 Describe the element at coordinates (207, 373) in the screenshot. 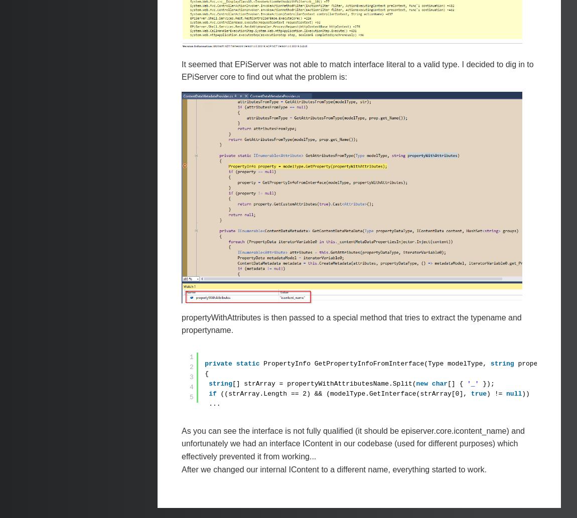

I see `'{'` at that location.